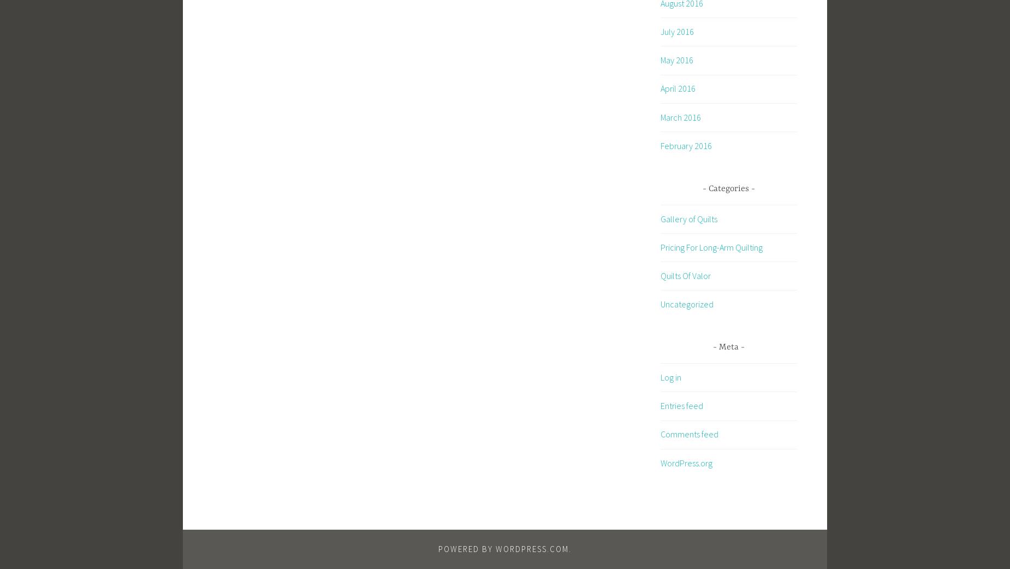 The height and width of the screenshot is (569, 1010). What do you see at coordinates (688, 218) in the screenshot?
I see `'Gallery of Quilts'` at bounding box center [688, 218].